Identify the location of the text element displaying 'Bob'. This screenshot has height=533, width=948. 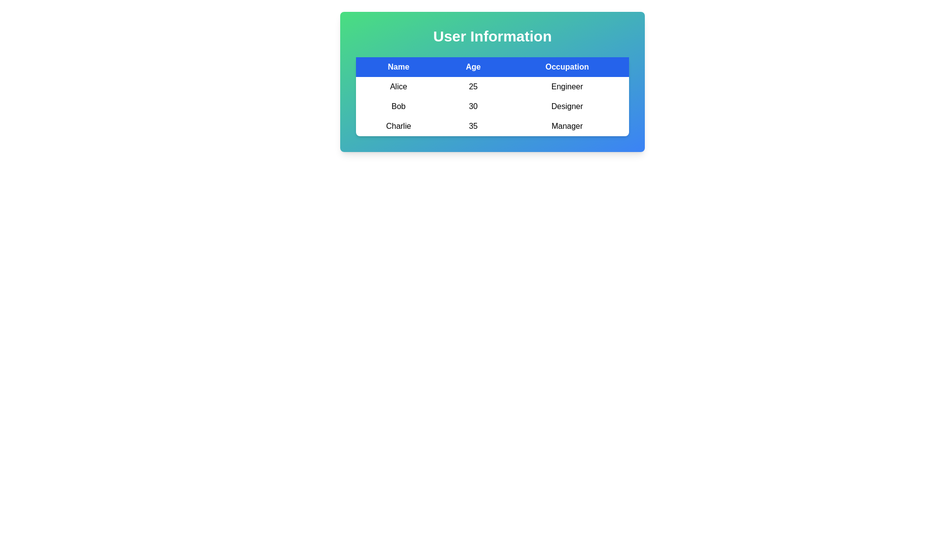
(398, 107).